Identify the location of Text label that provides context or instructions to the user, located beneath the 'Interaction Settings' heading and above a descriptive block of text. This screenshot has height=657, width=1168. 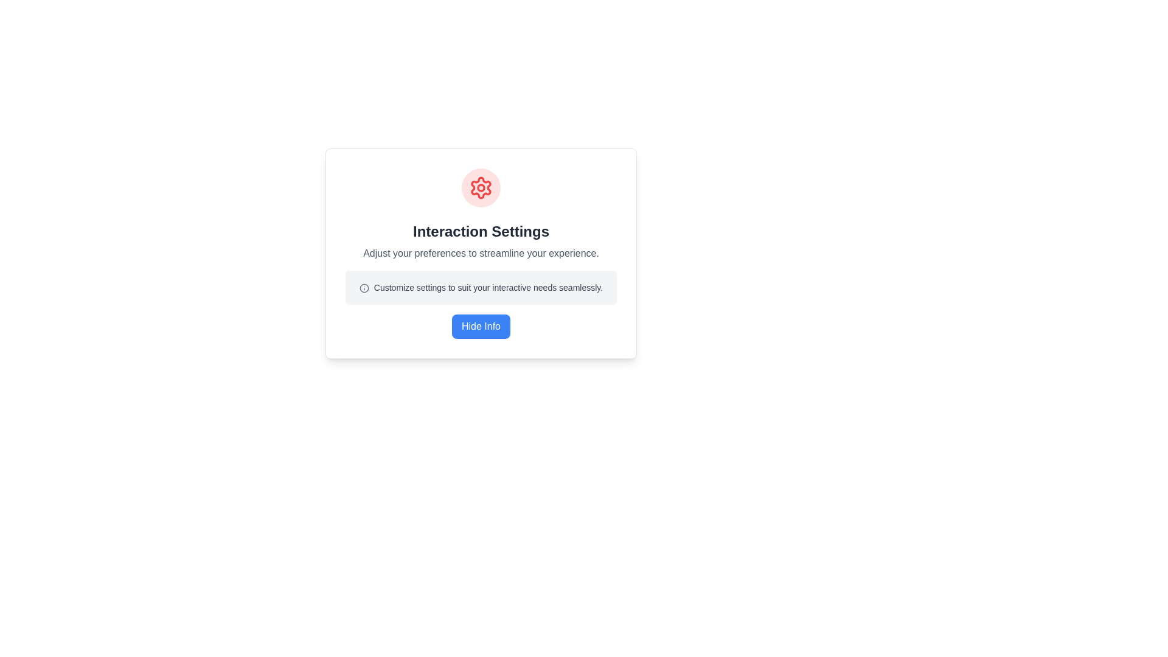
(481, 252).